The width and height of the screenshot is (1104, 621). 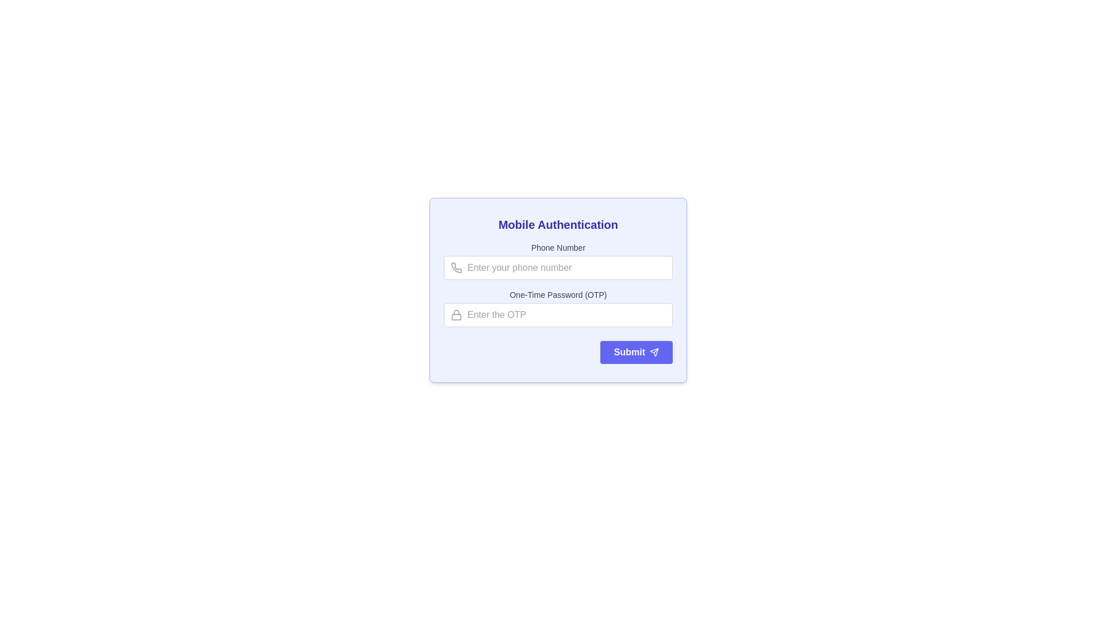 What do you see at coordinates (558, 247) in the screenshot?
I see `the 'Phone Number' text label, which is styled with a medium-sized, gray-colored font and positioned above the phone number input field in a mobile authentication form` at bounding box center [558, 247].